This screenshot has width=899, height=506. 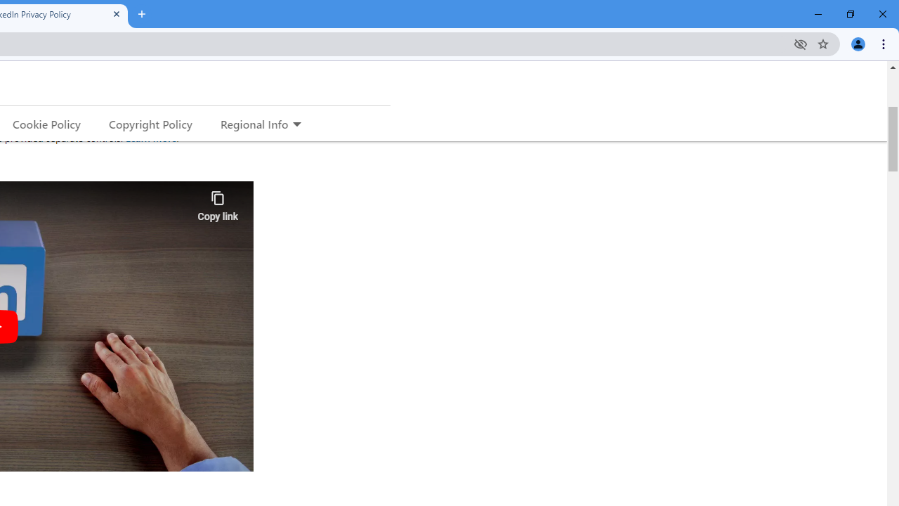 What do you see at coordinates (46, 123) in the screenshot?
I see `'Cookie Policy'` at bounding box center [46, 123].